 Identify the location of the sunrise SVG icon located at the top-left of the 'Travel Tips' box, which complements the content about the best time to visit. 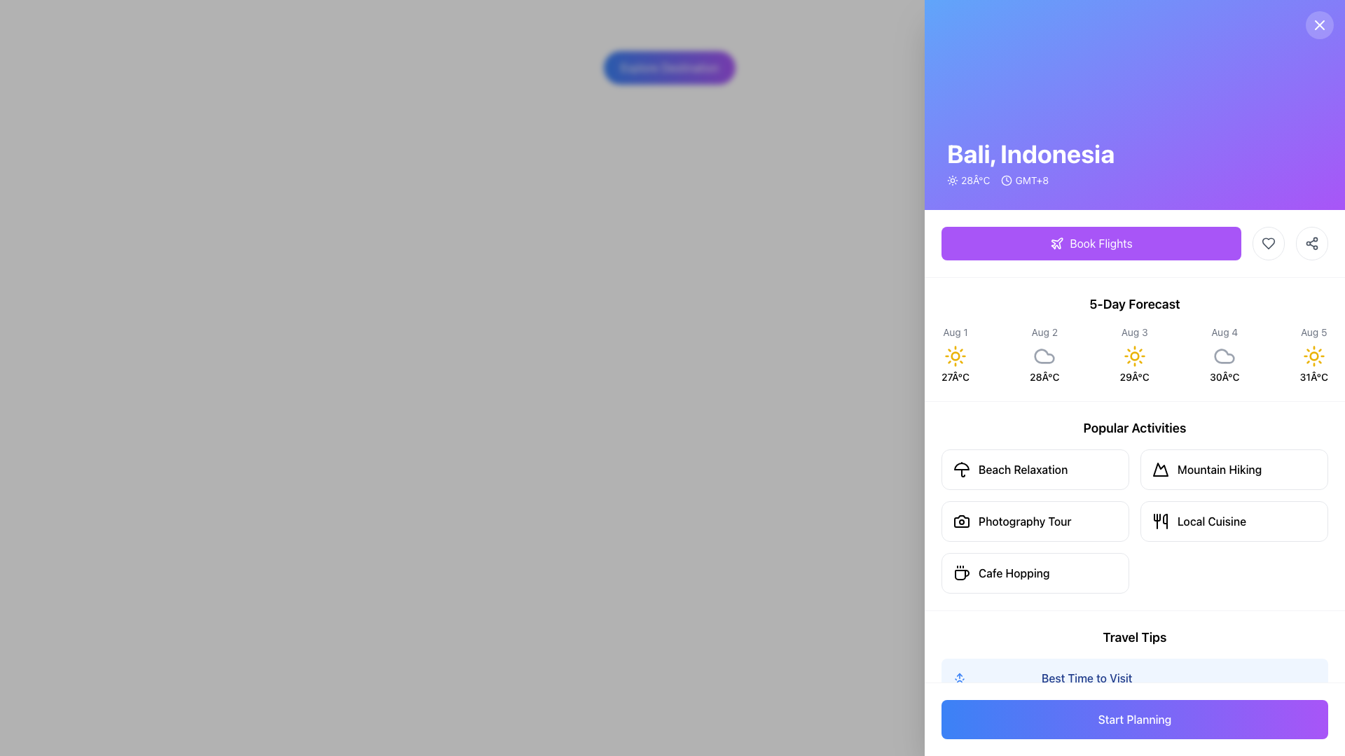
(958, 679).